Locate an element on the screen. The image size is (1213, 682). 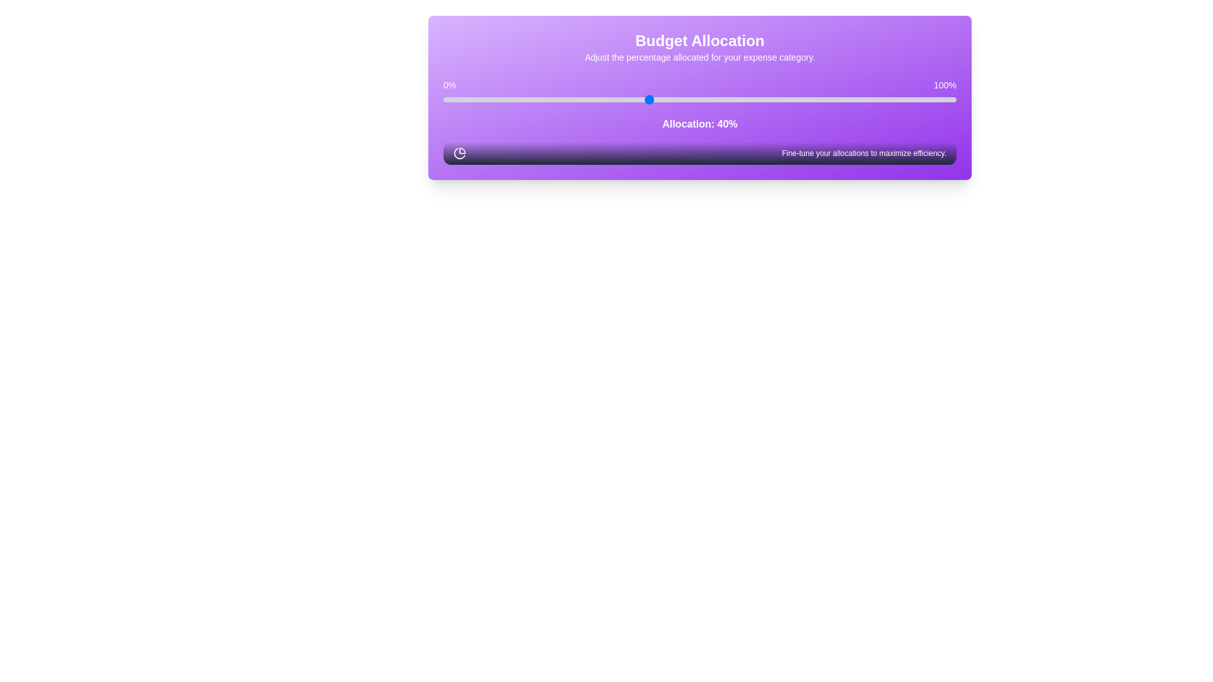
the allocation percentage is located at coordinates (612, 99).